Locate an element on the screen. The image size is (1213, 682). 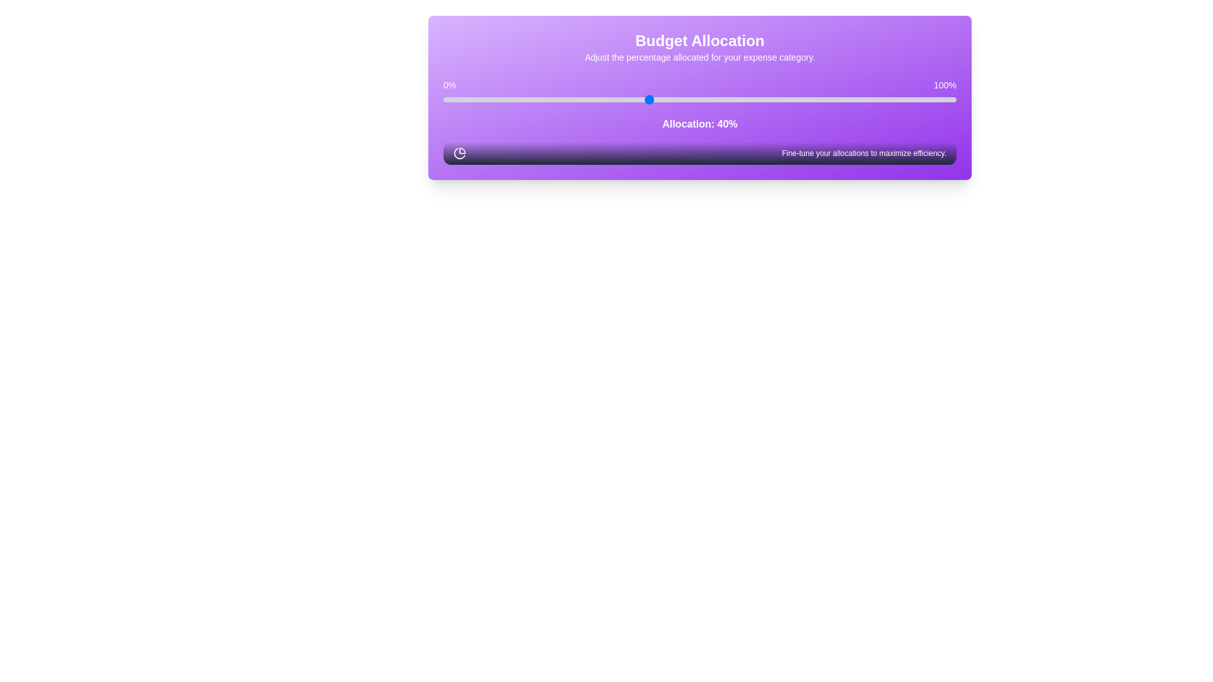
the allocation percentage is located at coordinates (612, 99).